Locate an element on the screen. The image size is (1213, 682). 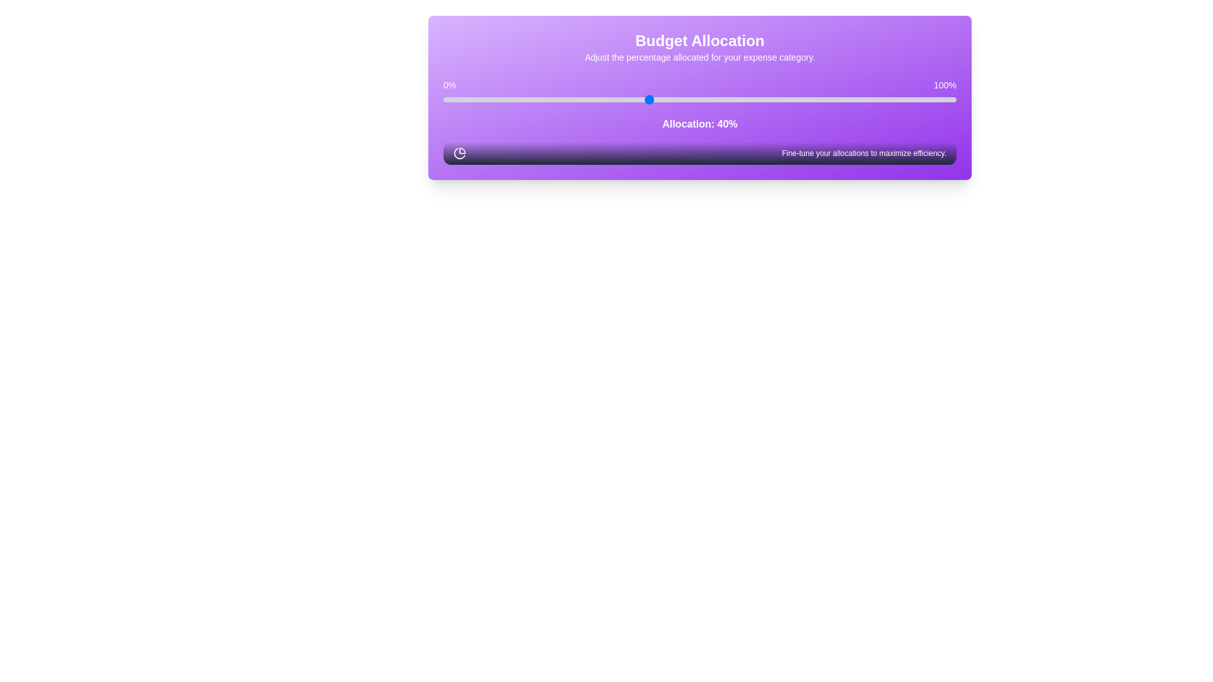
the allocation percentage is located at coordinates (612, 99).